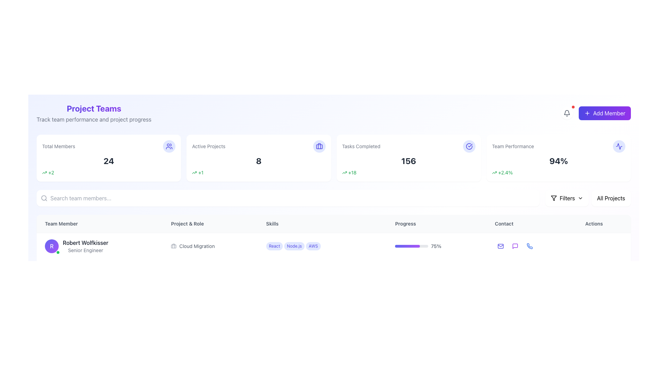 The image size is (663, 373). What do you see at coordinates (611, 198) in the screenshot?
I see `the 'All Projects' button, which is a rectangular button with a white background and rounded corners located at the top-right section of the interface` at bounding box center [611, 198].